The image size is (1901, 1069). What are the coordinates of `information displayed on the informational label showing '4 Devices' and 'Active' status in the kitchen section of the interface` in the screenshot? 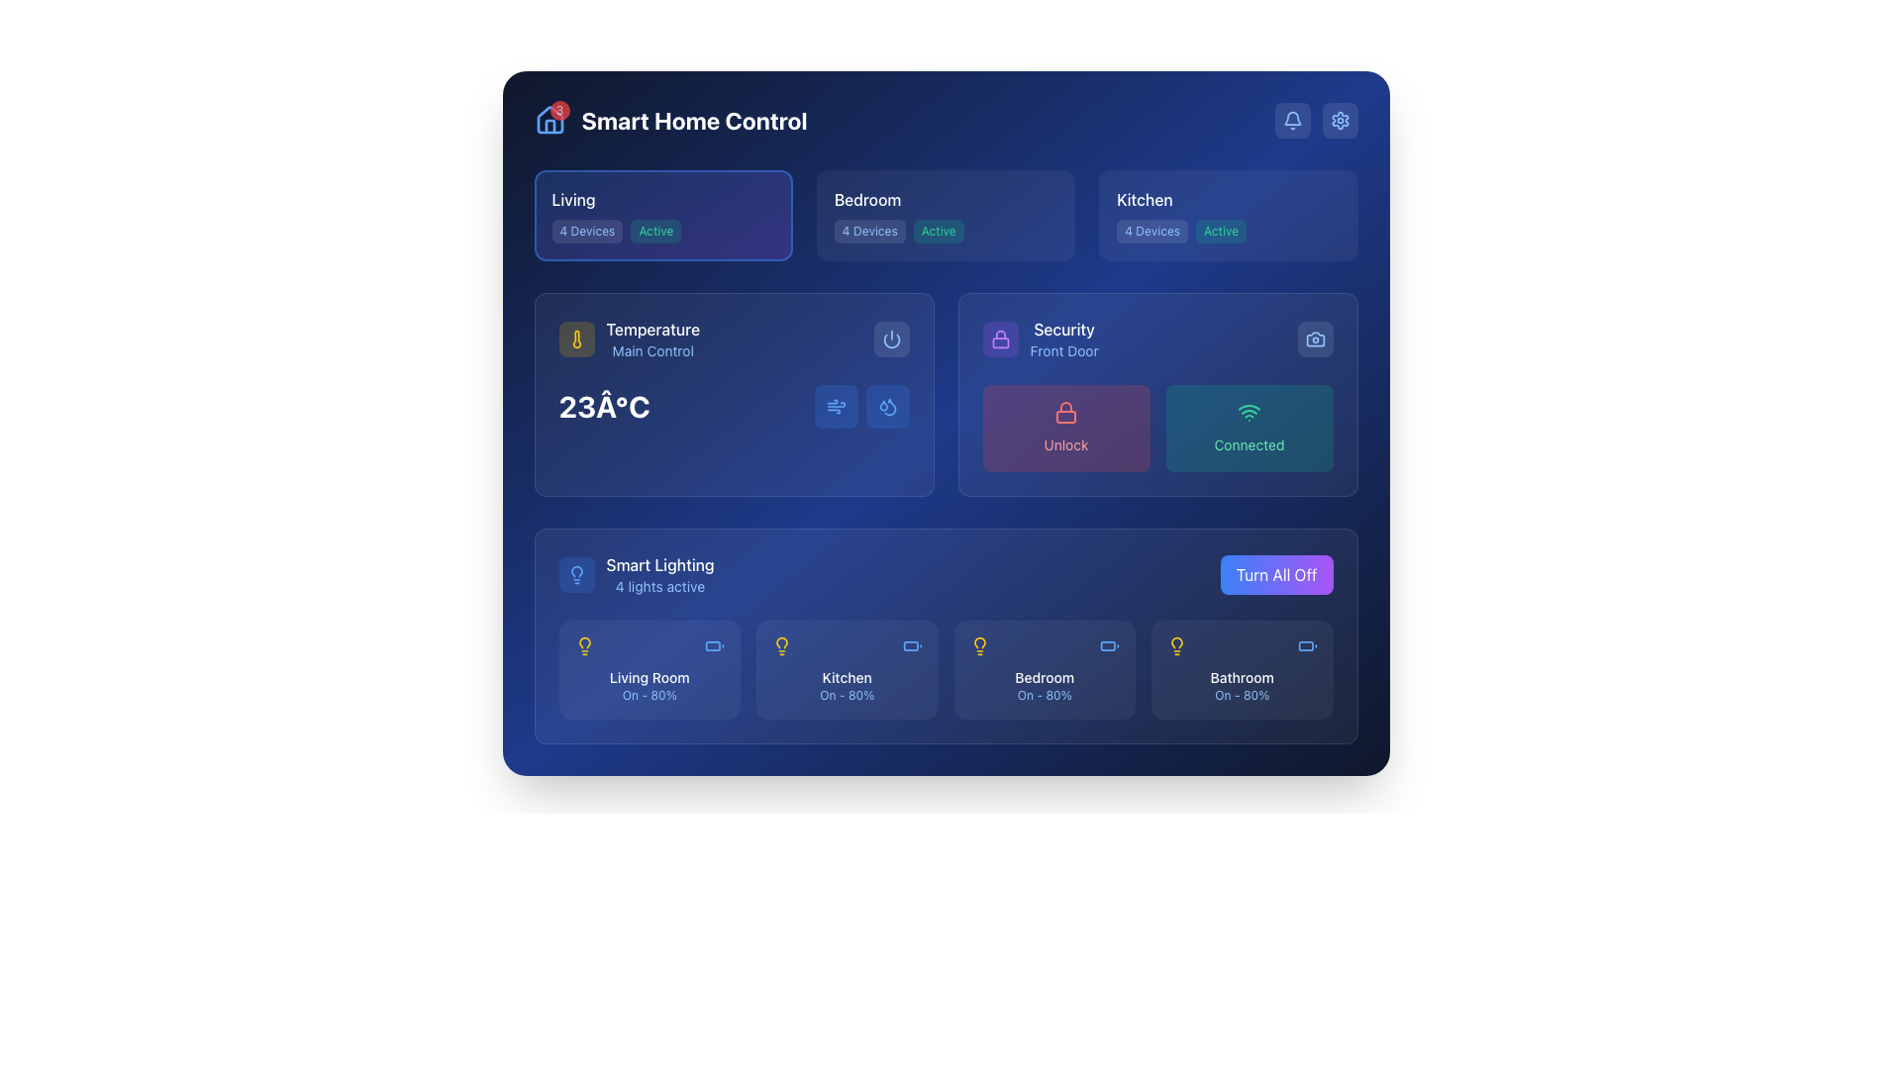 It's located at (1227, 231).